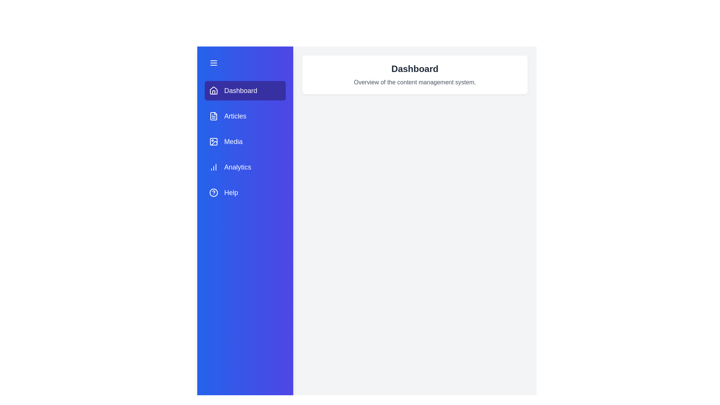  I want to click on the icon next to the tab labeled Articles to inspect its details, so click(213, 116).